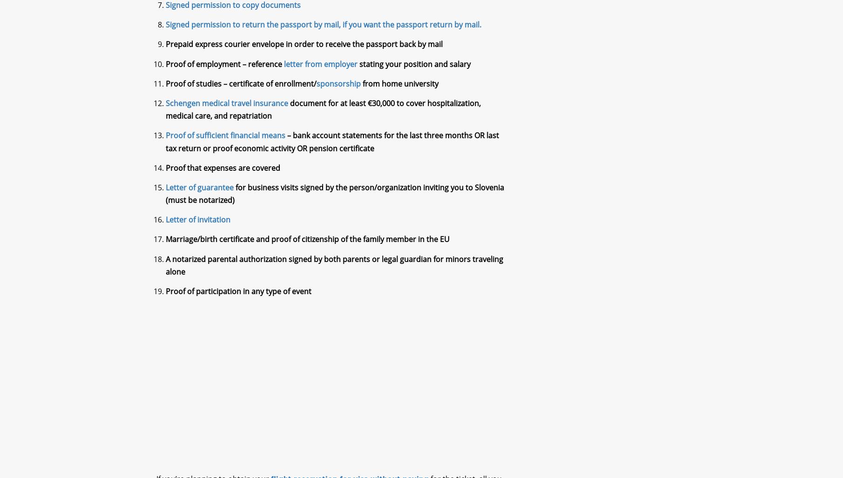 This screenshot has width=843, height=478. I want to click on 'Letter of invitation', so click(197, 227).